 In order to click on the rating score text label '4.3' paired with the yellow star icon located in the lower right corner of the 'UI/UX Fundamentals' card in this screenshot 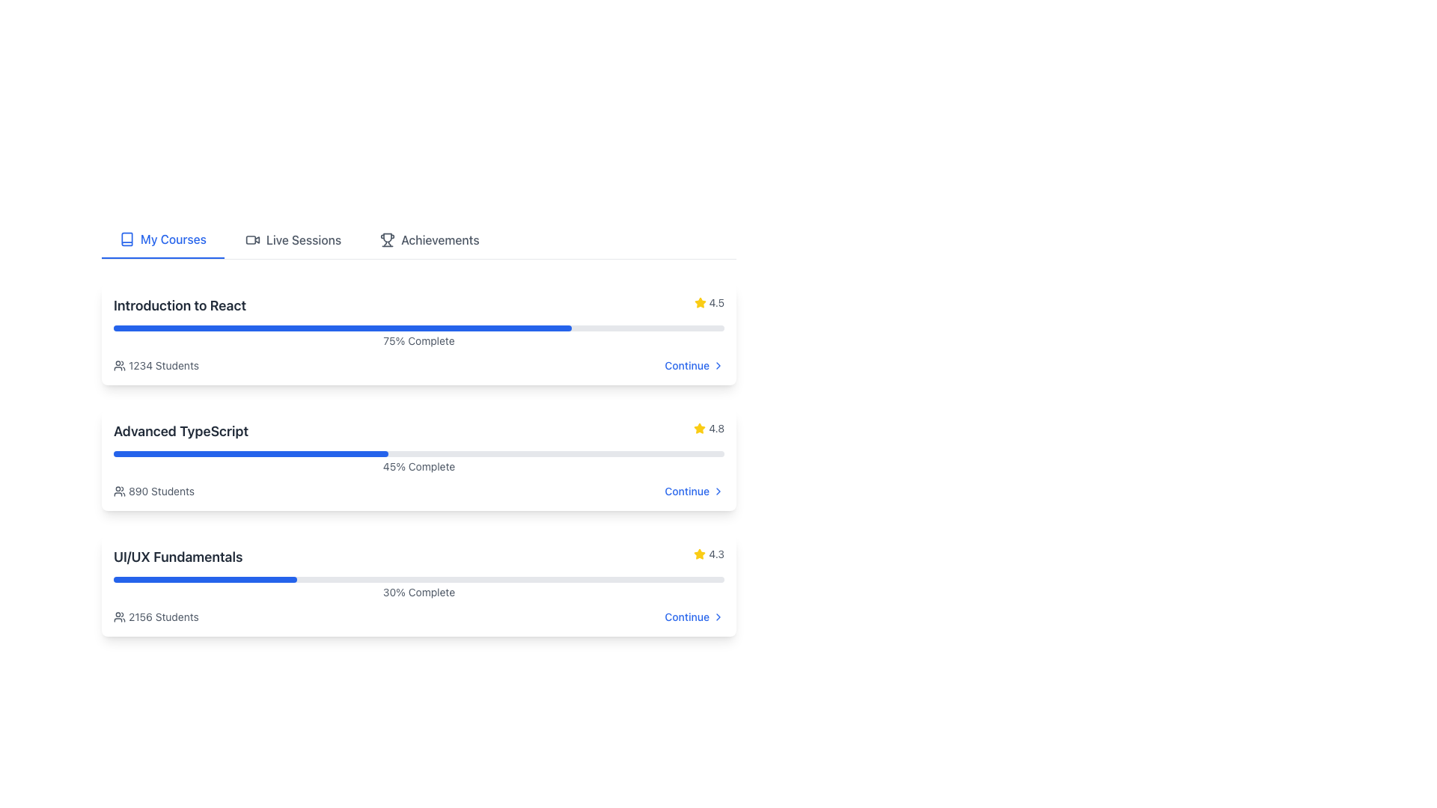, I will do `click(708, 554)`.